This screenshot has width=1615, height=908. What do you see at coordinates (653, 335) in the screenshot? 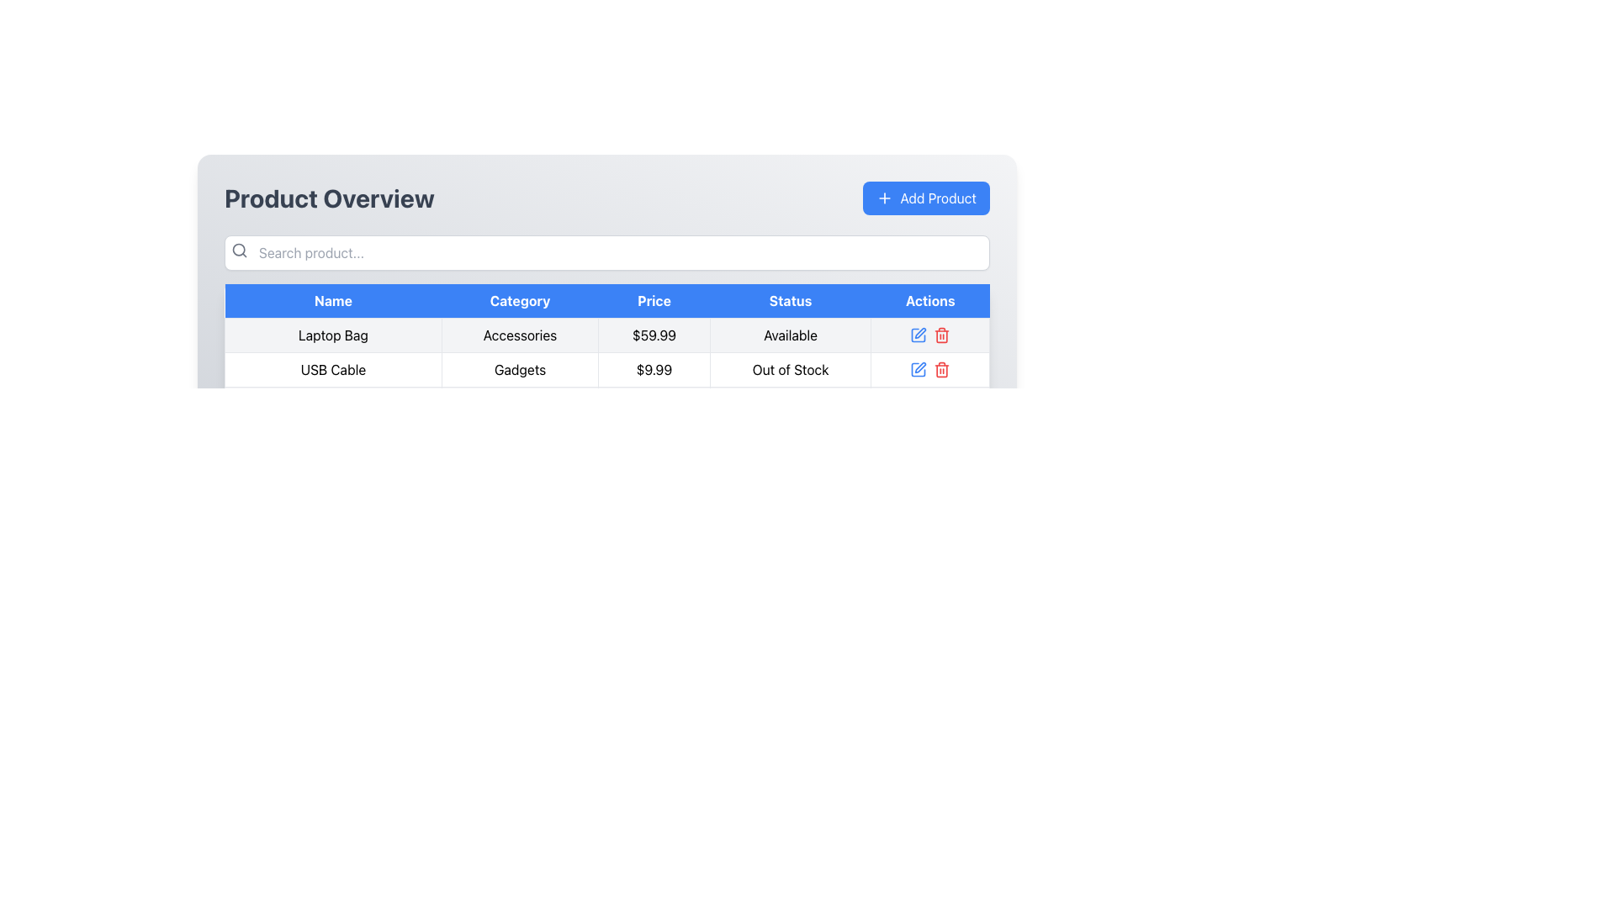
I see `the text label displaying the price '$59.99' in black font on a light gray background, located in the third column of the first data row in the product information table` at bounding box center [653, 335].